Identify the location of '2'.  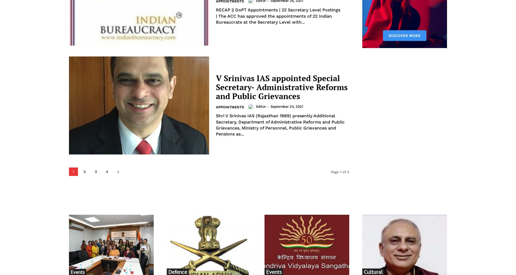
(84, 171).